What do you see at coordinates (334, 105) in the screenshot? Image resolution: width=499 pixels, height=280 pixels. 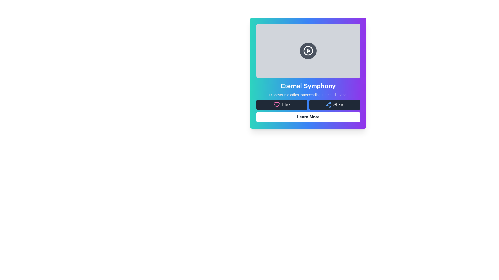 I see `the sharing button located beneath the 'Eternal Symphony' section, which is the second button in a row to the right of the 'Like' button` at bounding box center [334, 105].